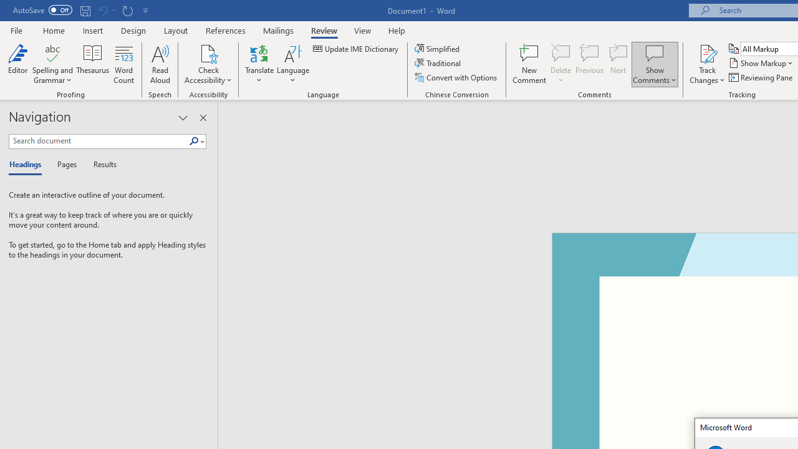  Describe the element at coordinates (654, 52) in the screenshot. I see `'Show Comments'` at that location.